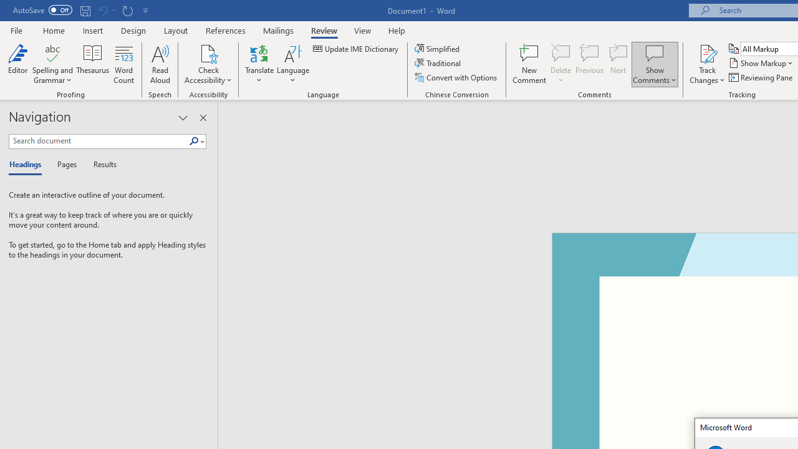  Describe the element at coordinates (654, 52) in the screenshot. I see `'Show Comments'` at that location.